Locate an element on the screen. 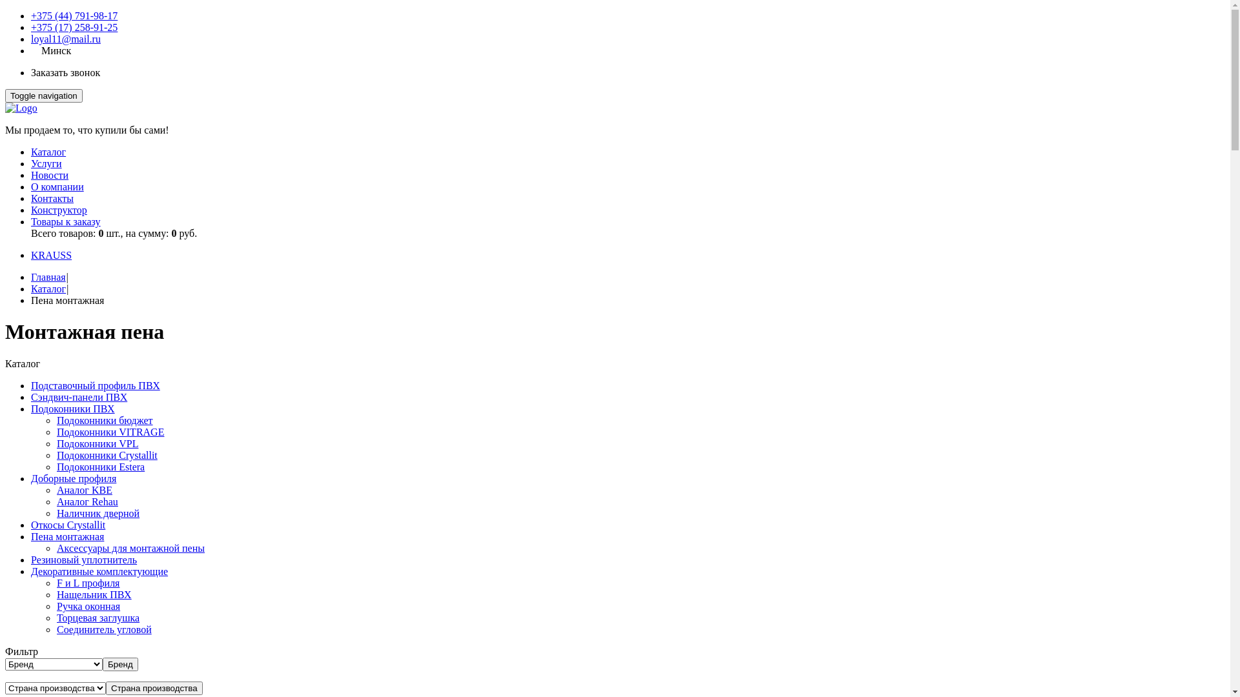 This screenshot has width=1240, height=697. '+375 (17) 258-91-25' is located at coordinates (74, 27).